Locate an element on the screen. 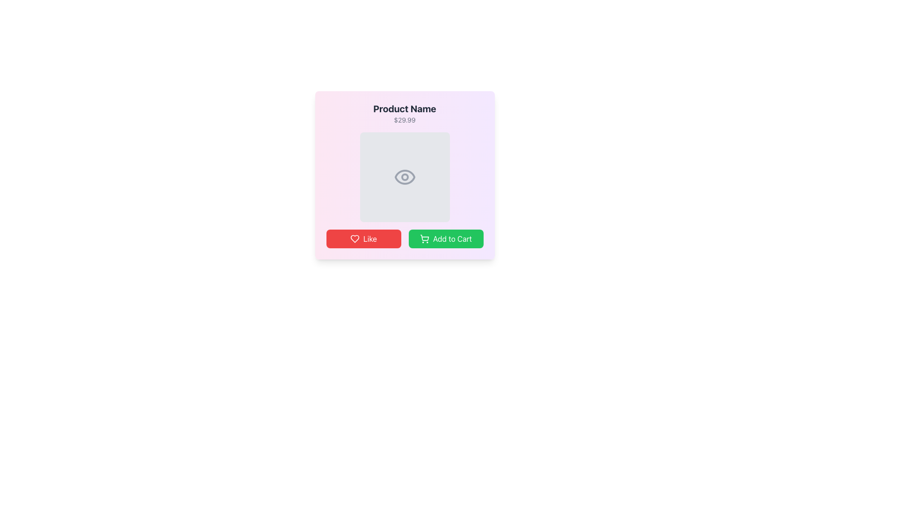  the text label displaying the price value '$29.99', which is positioned below the 'Product Name' title and above the product image is located at coordinates (405, 120).